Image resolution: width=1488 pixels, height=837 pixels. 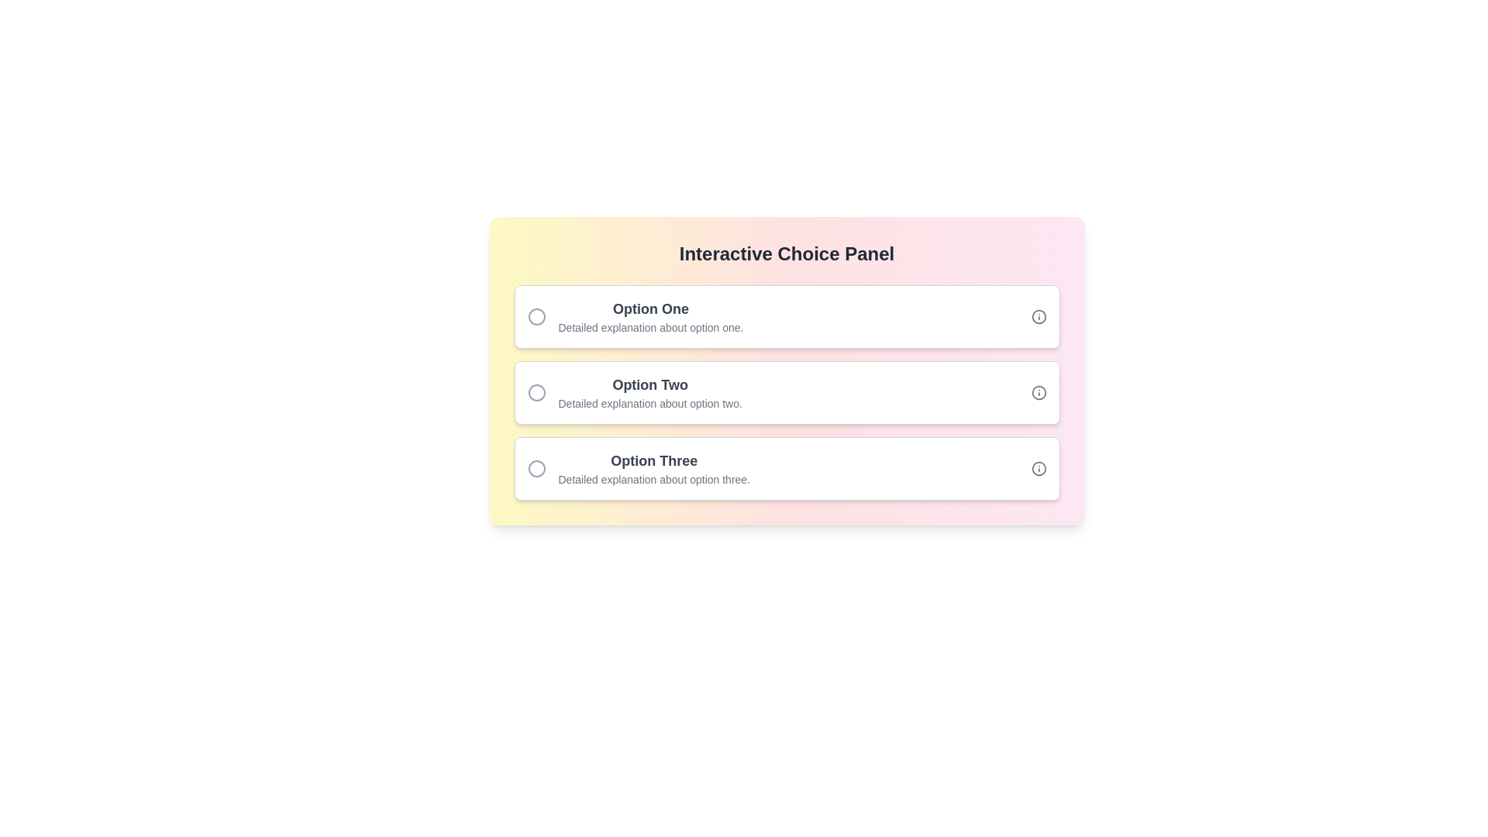 What do you see at coordinates (650, 402) in the screenshot?
I see `the static text display providing additional descriptive information for 'Option Two', which is the second subtext under the 'Option Two' heading` at bounding box center [650, 402].